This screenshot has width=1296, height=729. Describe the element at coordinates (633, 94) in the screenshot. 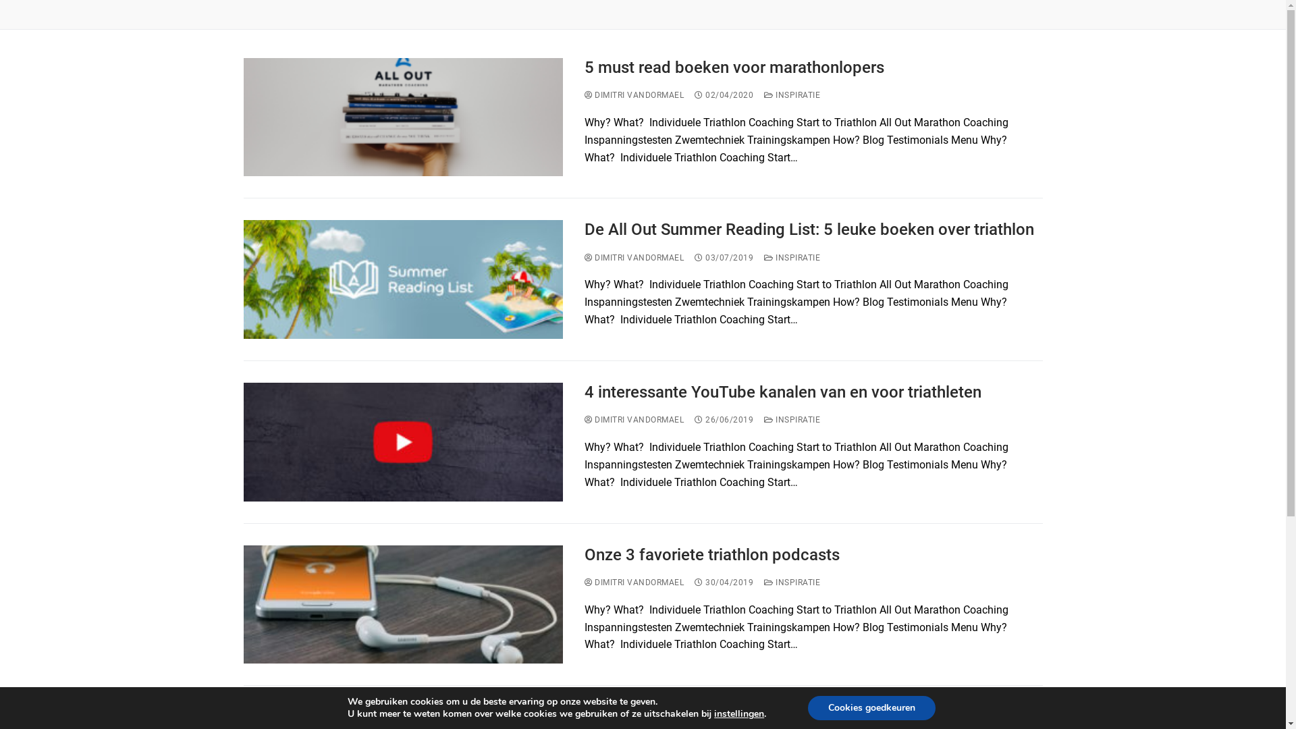

I see `'DIMITRI VANDORMAEL'` at that location.